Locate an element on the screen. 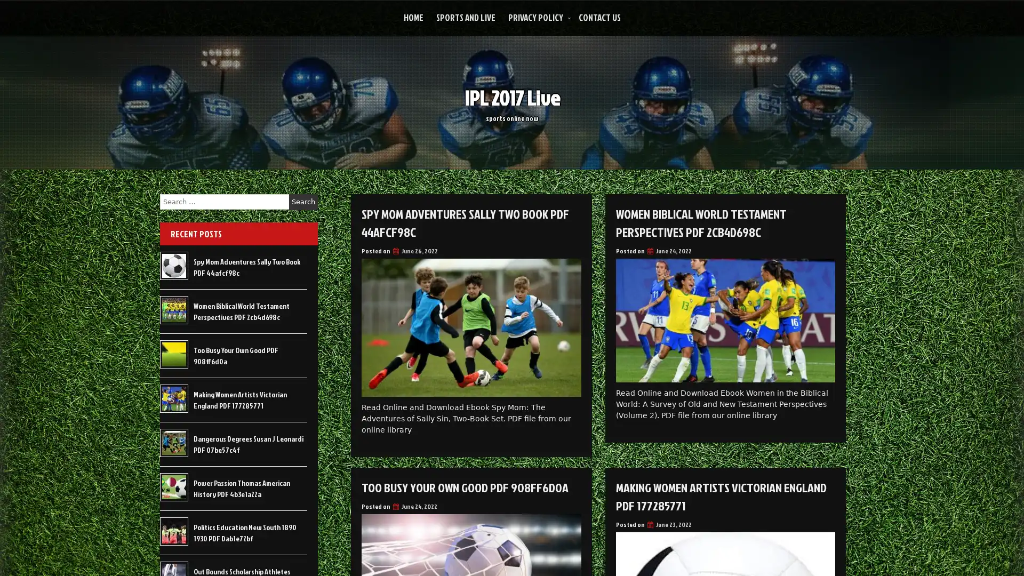  Search is located at coordinates (303, 202).